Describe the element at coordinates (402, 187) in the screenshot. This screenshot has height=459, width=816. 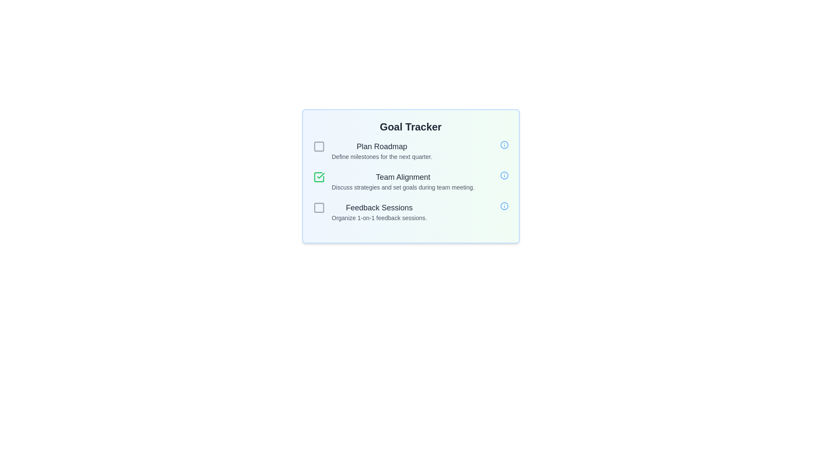
I see `the Text Label that provides additional information about the 'Team Alignment' section, which is located underneath the 'Team Alignment' label and adjacent to an information icon` at that location.